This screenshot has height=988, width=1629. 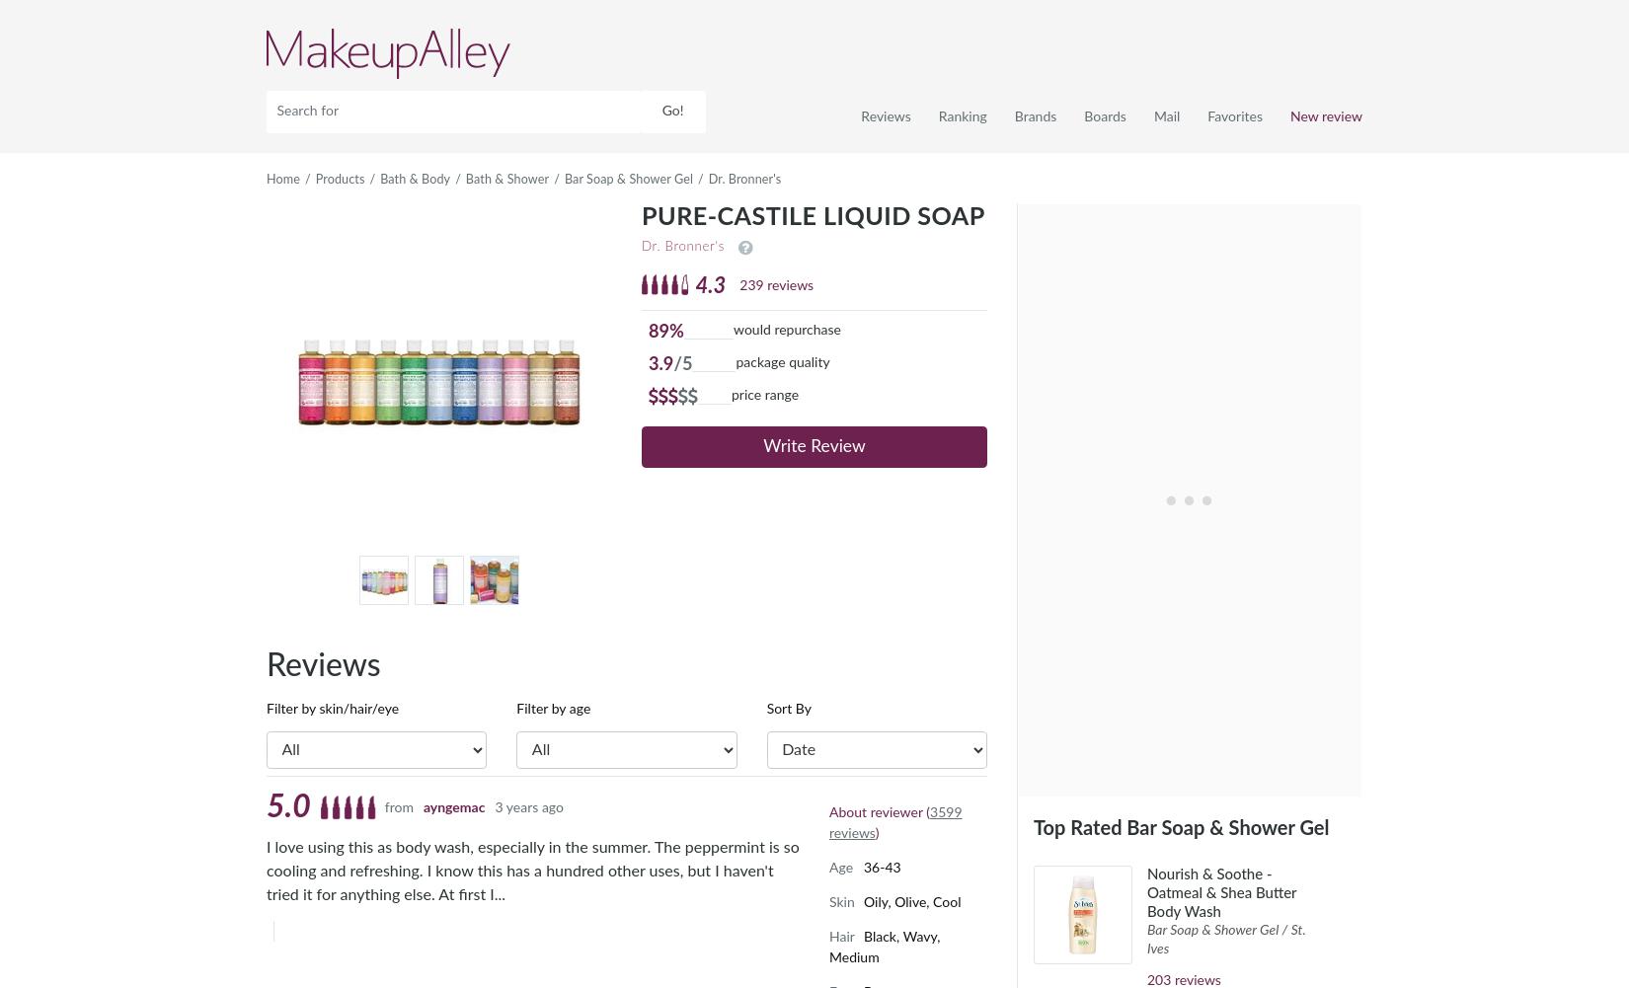 What do you see at coordinates (841, 936) in the screenshot?
I see `'Hair'` at bounding box center [841, 936].